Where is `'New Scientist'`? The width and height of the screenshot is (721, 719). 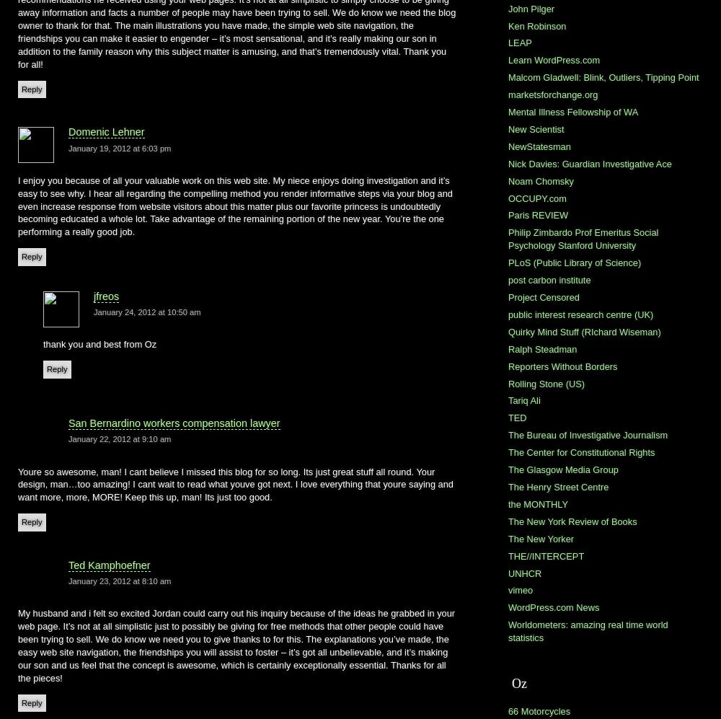 'New Scientist' is located at coordinates (535, 128).